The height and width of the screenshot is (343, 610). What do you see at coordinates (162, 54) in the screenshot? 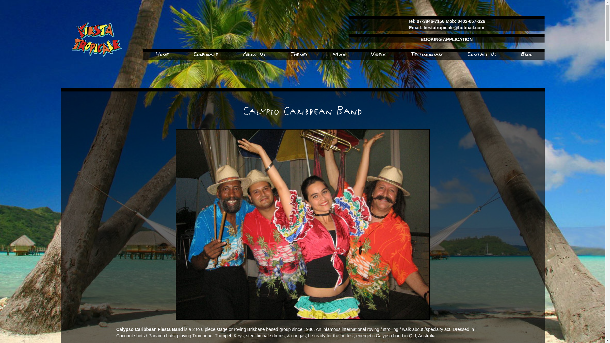
I see `'Home'` at bounding box center [162, 54].